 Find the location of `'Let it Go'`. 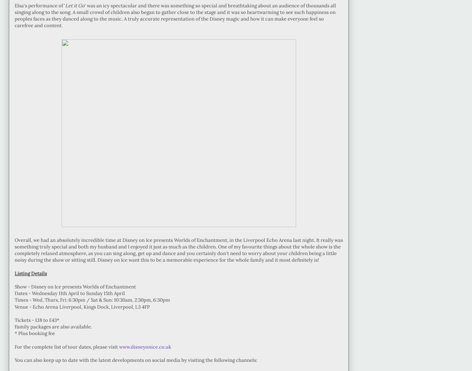

'Let it Go' is located at coordinates (75, 5).